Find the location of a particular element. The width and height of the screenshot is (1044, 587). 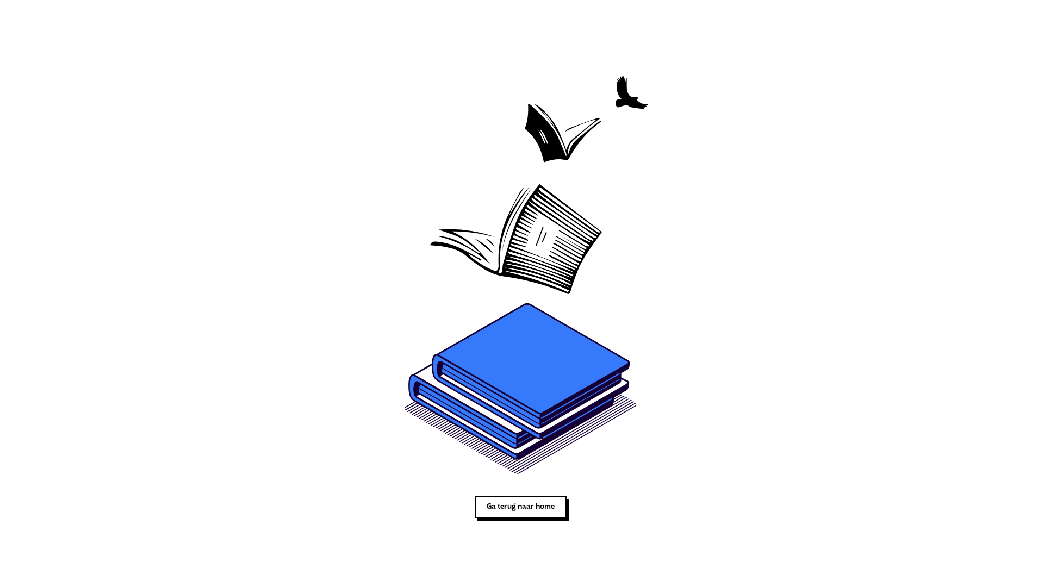

'Ga terug naar home' is located at coordinates (520, 507).